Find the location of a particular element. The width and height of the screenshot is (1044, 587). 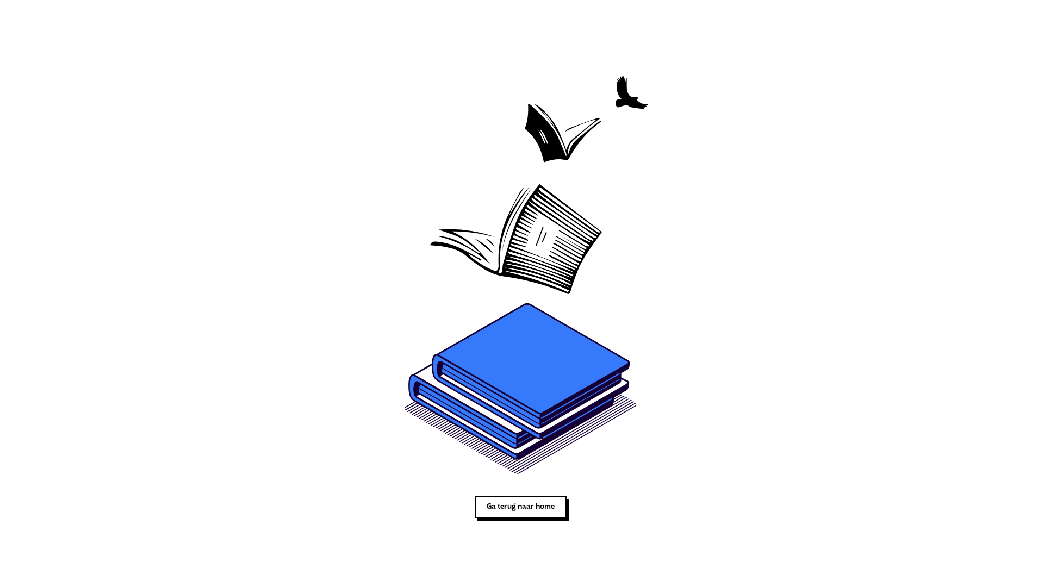

'Ga terug naar home' is located at coordinates (520, 507).